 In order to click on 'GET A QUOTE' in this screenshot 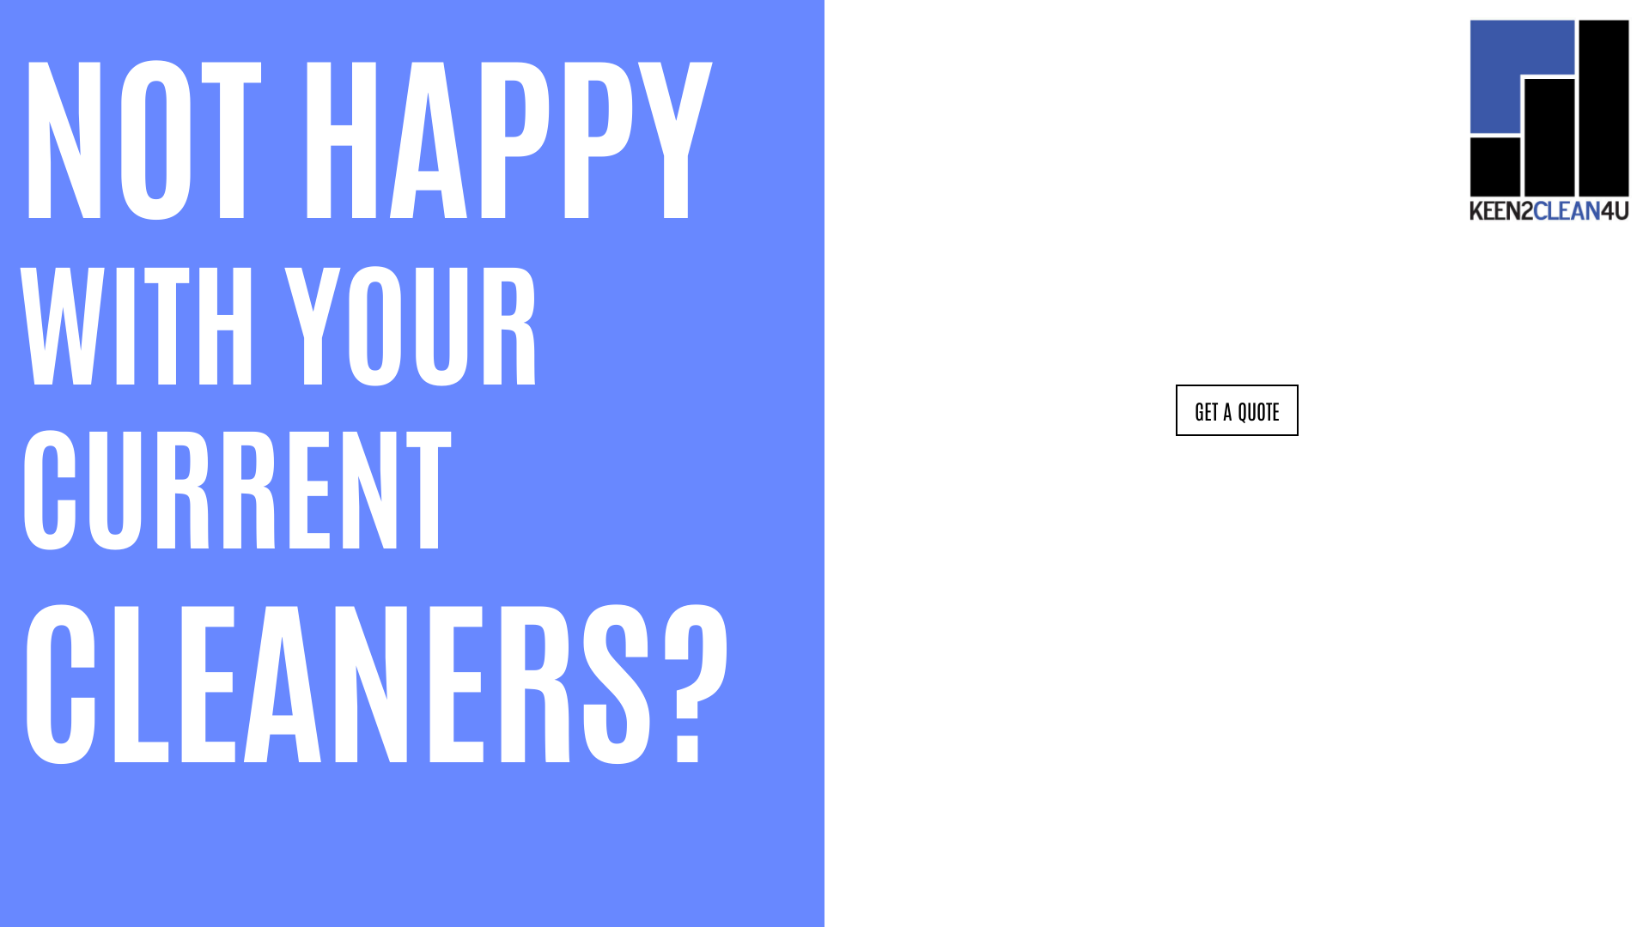, I will do `click(1174, 410)`.